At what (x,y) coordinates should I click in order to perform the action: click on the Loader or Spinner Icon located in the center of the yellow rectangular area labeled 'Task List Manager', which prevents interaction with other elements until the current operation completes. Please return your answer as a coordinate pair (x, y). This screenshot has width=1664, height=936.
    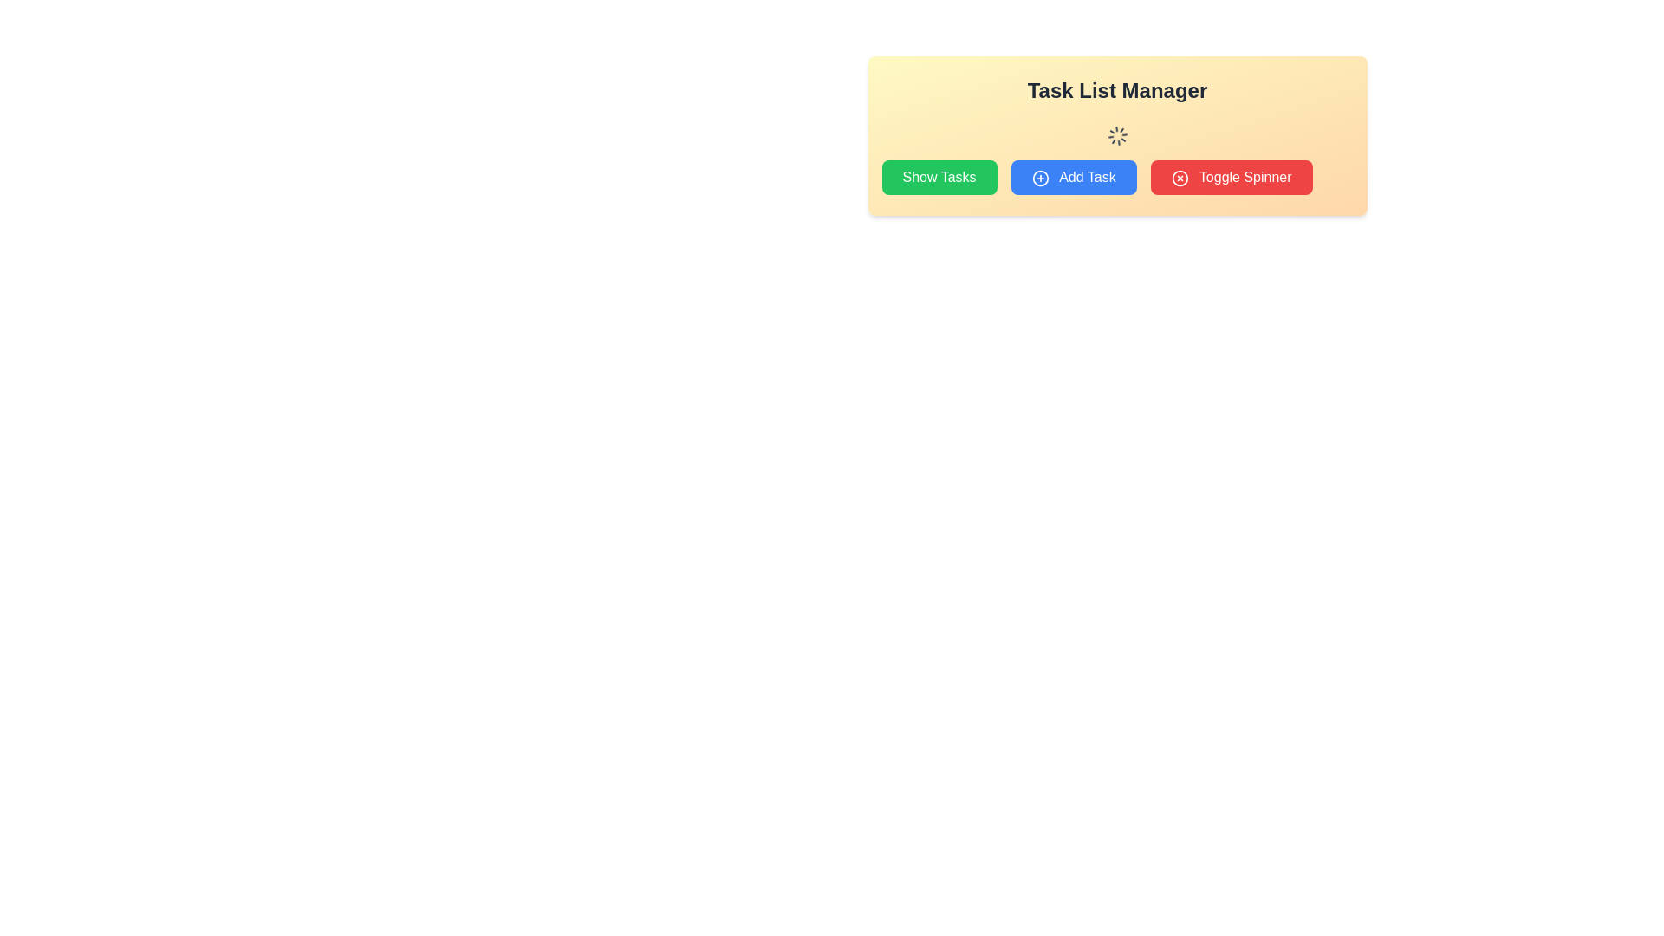
    Looking at the image, I should click on (1117, 135).